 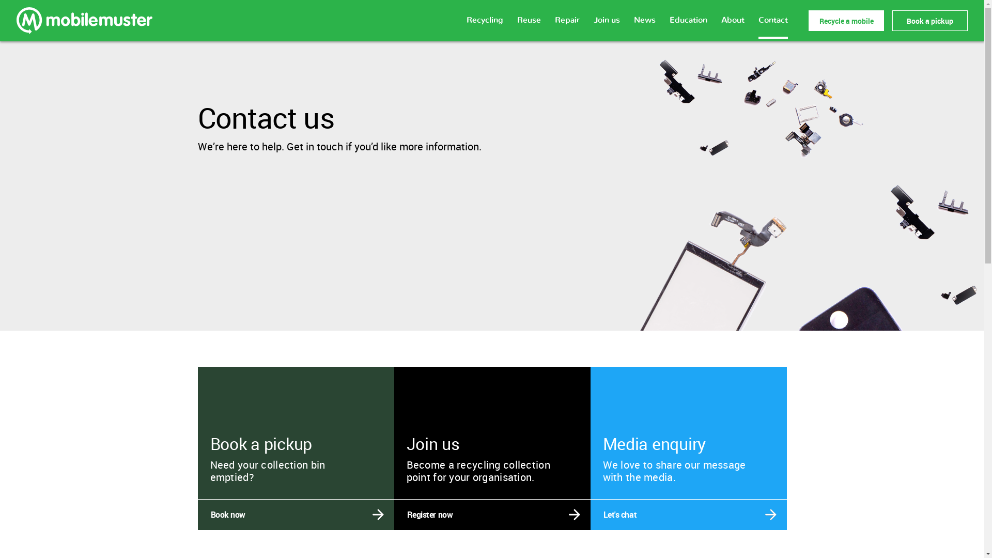 I want to click on 'Reuse', so click(x=517, y=25).